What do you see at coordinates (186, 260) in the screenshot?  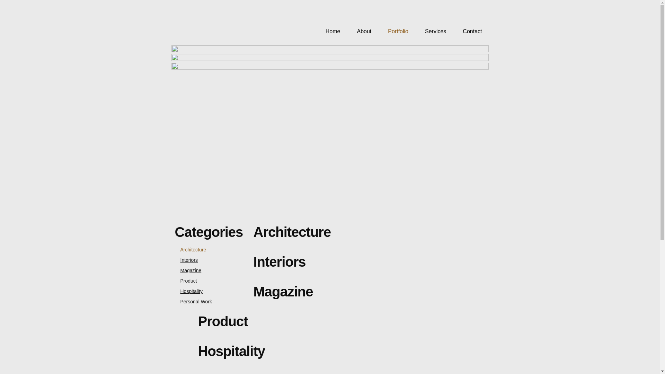 I see `'Interiors'` at bounding box center [186, 260].